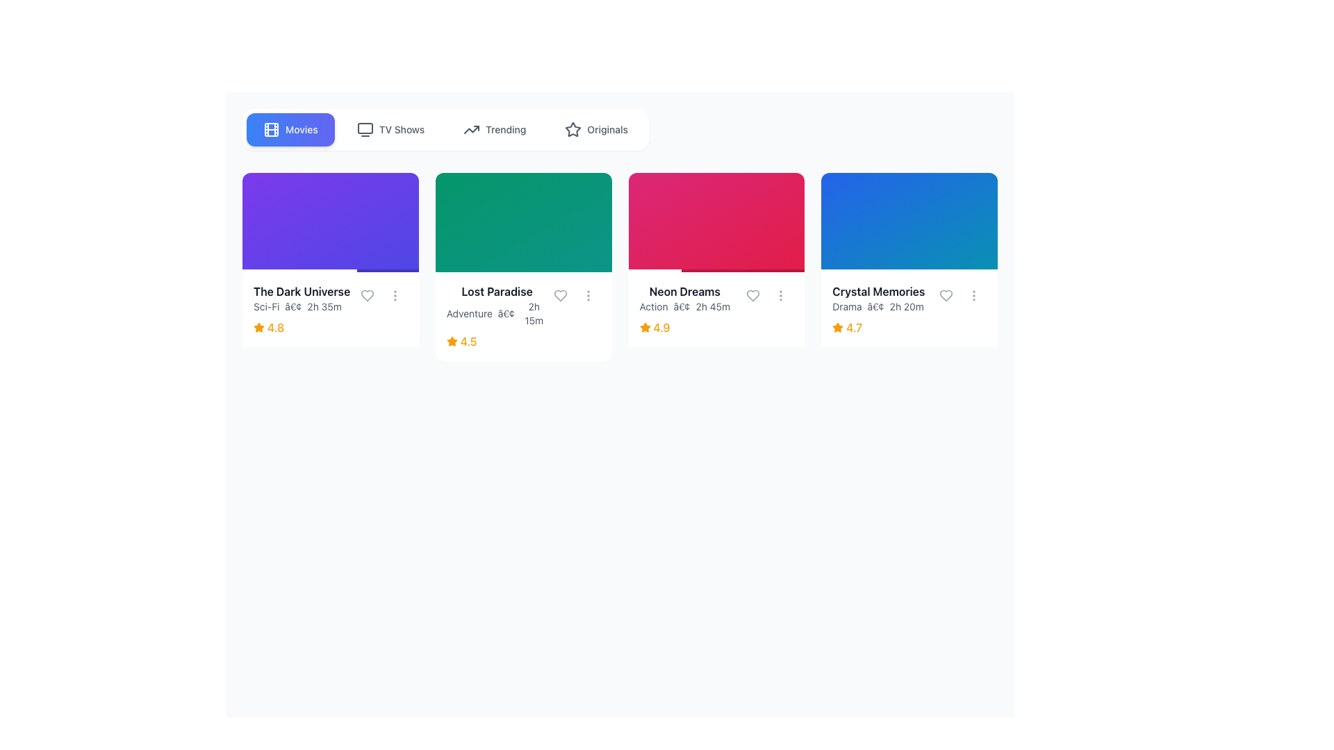 This screenshot has width=1334, height=750. What do you see at coordinates (445, 129) in the screenshot?
I see `the navigation menu` at bounding box center [445, 129].